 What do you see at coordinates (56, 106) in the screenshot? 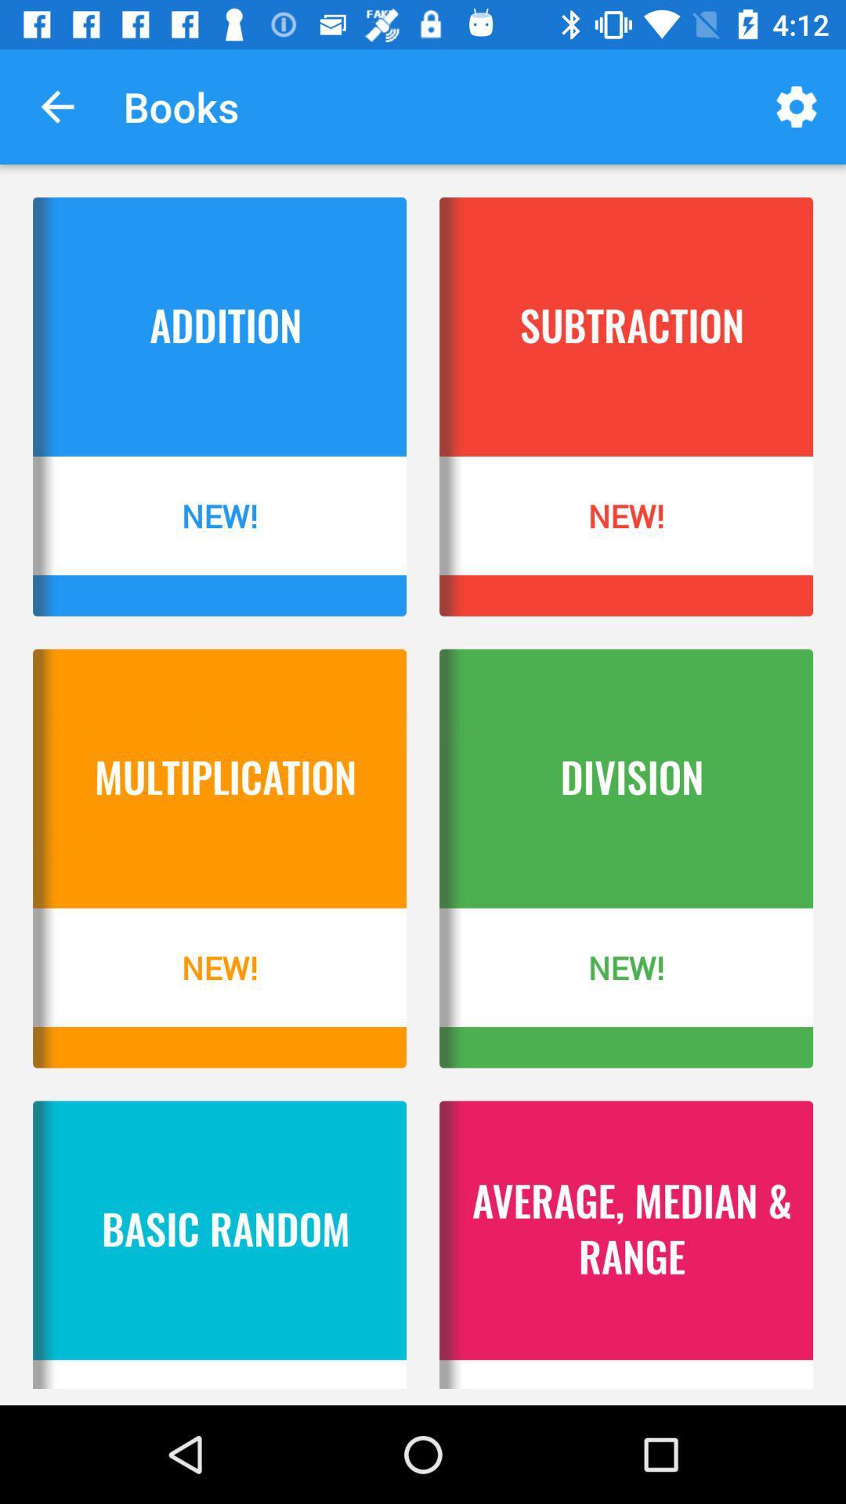
I see `the item to the left of books` at bounding box center [56, 106].